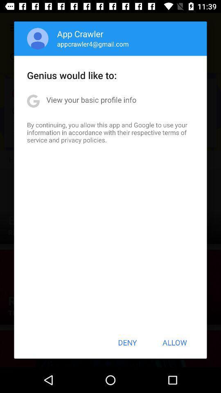 This screenshot has width=221, height=393. I want to click on view your basic app, so click(91, 99).